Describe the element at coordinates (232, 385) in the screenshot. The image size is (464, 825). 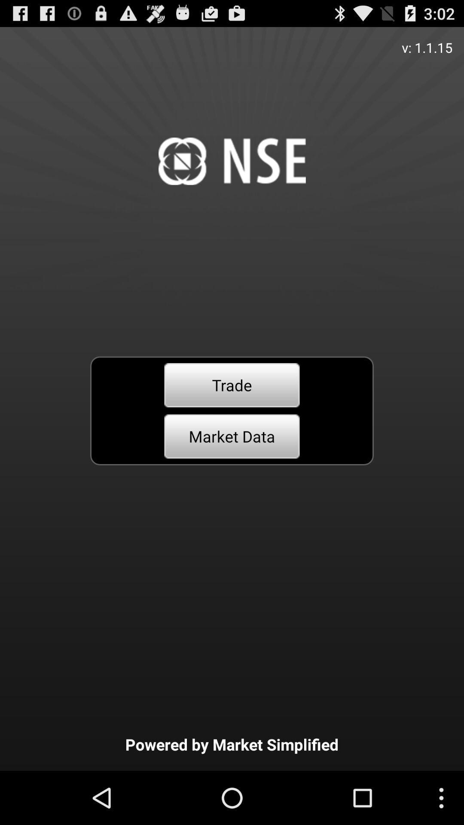
I see `the trade` at that location.